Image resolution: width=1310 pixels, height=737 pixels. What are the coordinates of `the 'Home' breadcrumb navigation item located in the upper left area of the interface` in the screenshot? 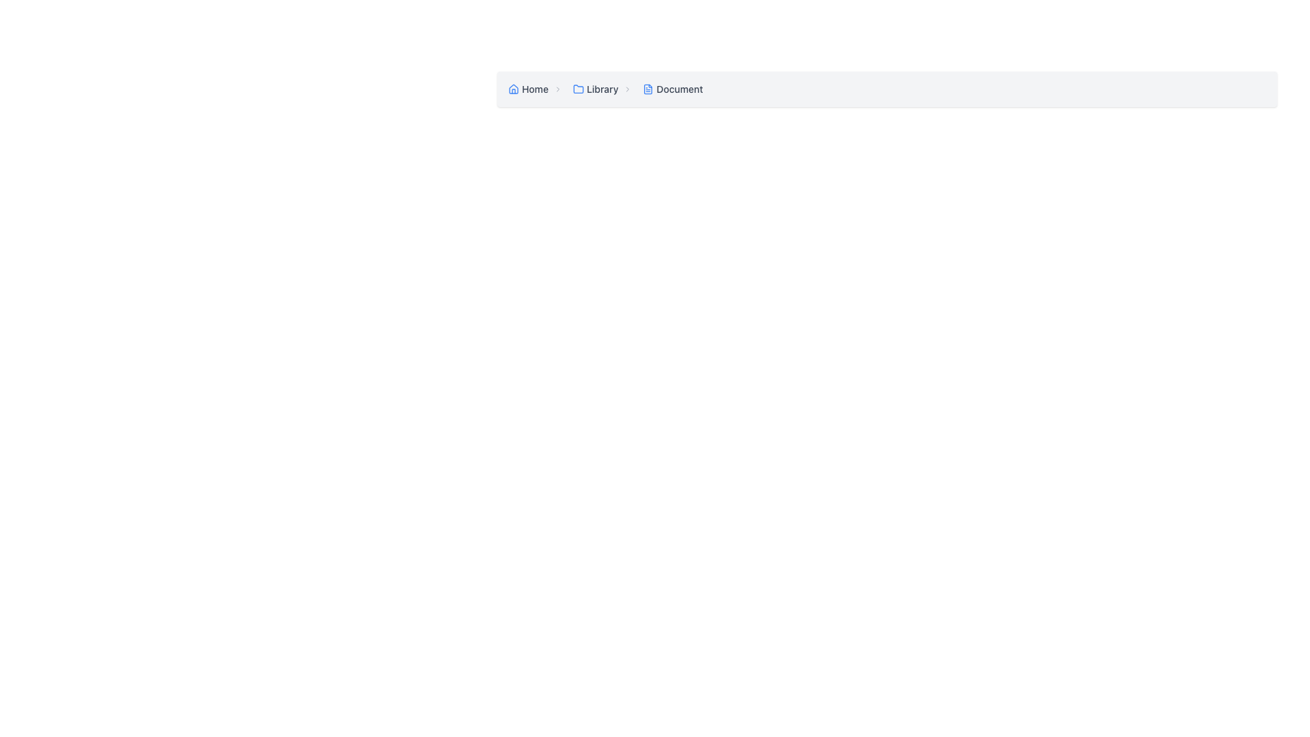 It's located at (537, 89).